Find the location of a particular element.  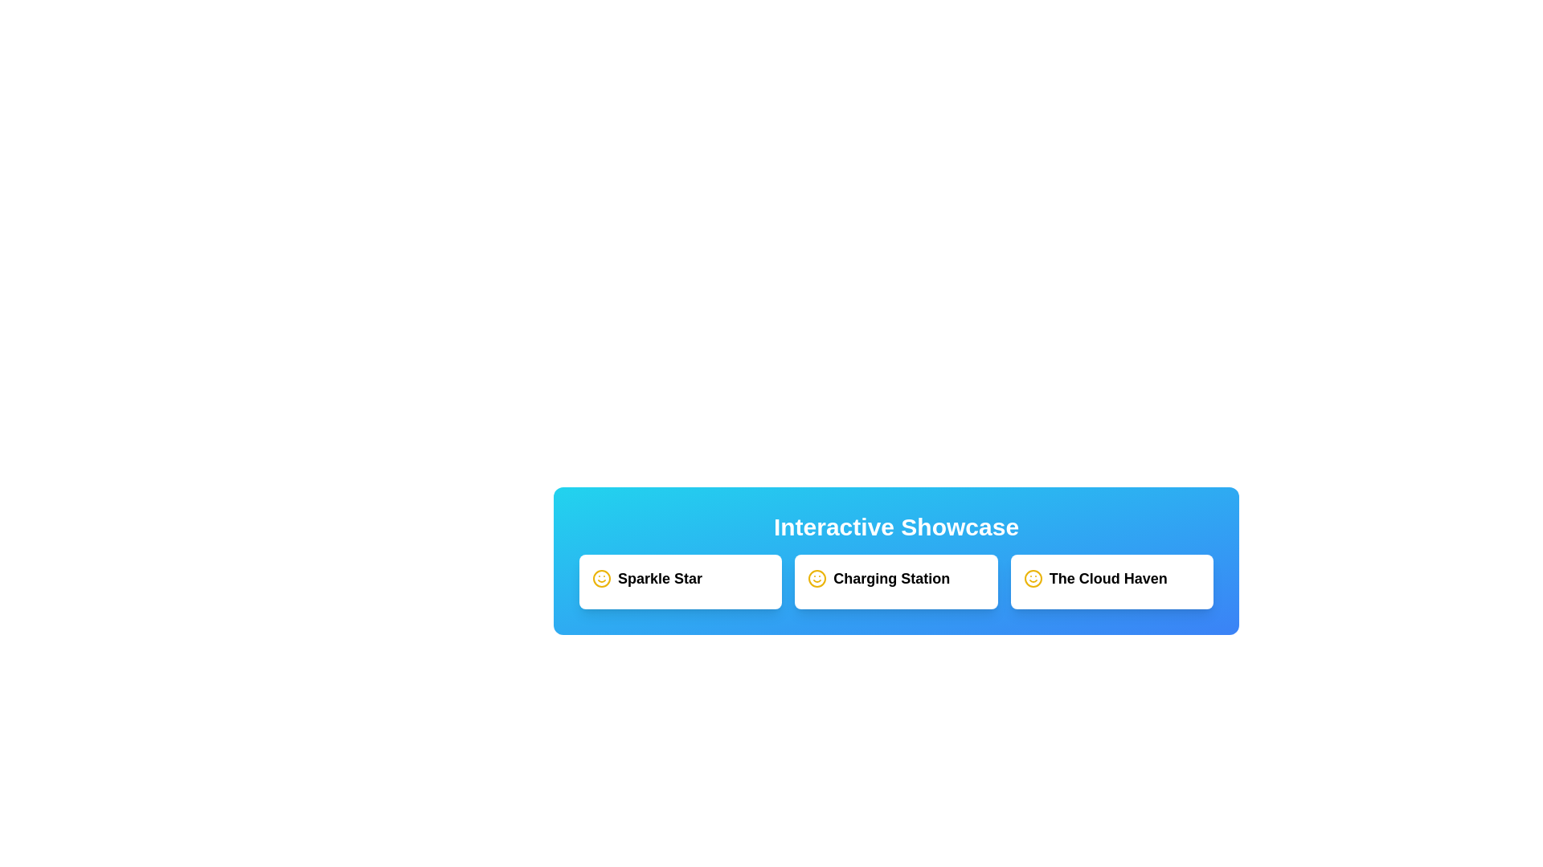

the text label with an icon titled 'The Cloud Haven' located within the third box of the 'Interactive Showcase' section is located at coordinates (1111, 579).